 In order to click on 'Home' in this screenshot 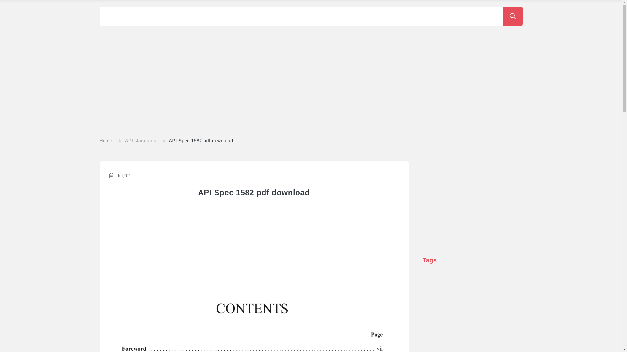, I will do `click(106, 140)`.